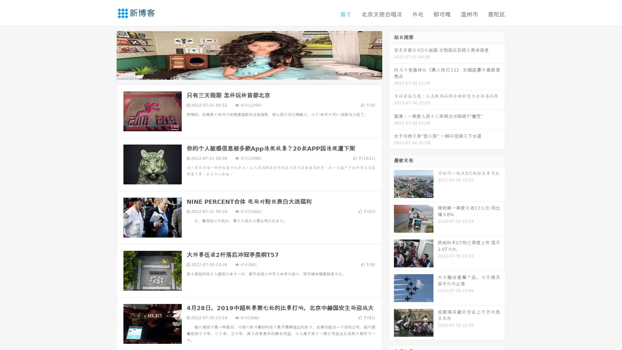  I want to click on Go to slide 3, so click(256, 73).